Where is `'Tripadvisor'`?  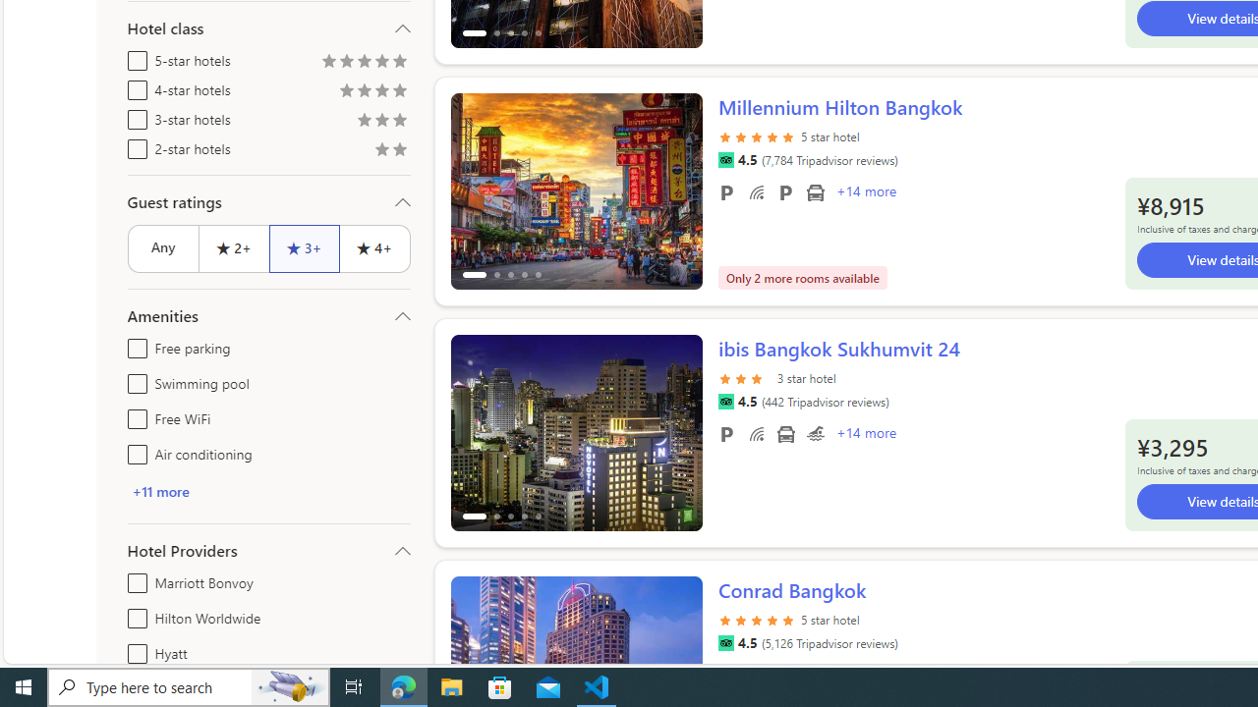 'Tripadvisor' is located at coordinates (724, 643).